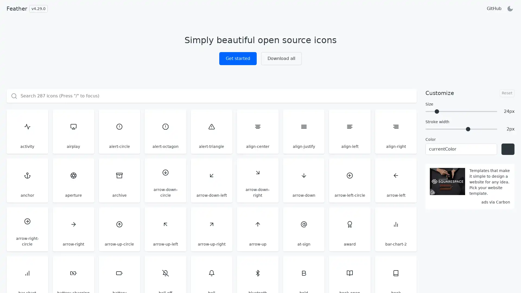 This screenshot has height=293, width=521. Describe the element at coordinates (350, 132) in the screenshot. I see `align-left` at that location.